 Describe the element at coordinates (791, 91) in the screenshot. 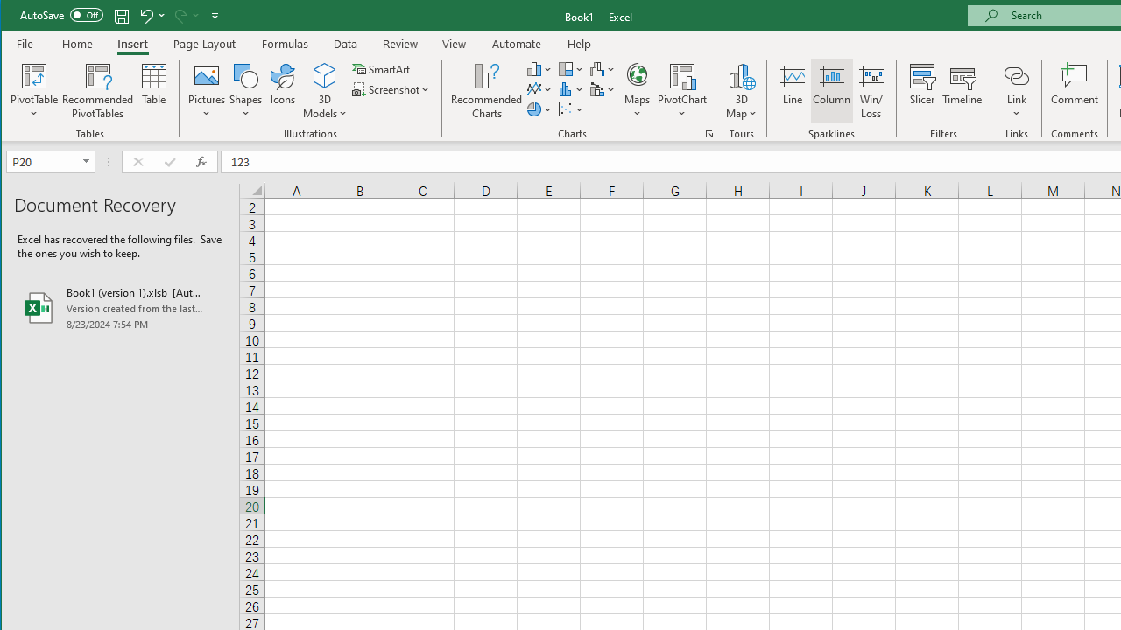

I see `'Line'` at that location.